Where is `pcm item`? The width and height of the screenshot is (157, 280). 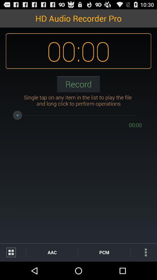 pcm item is located at coordinates (104, 252).